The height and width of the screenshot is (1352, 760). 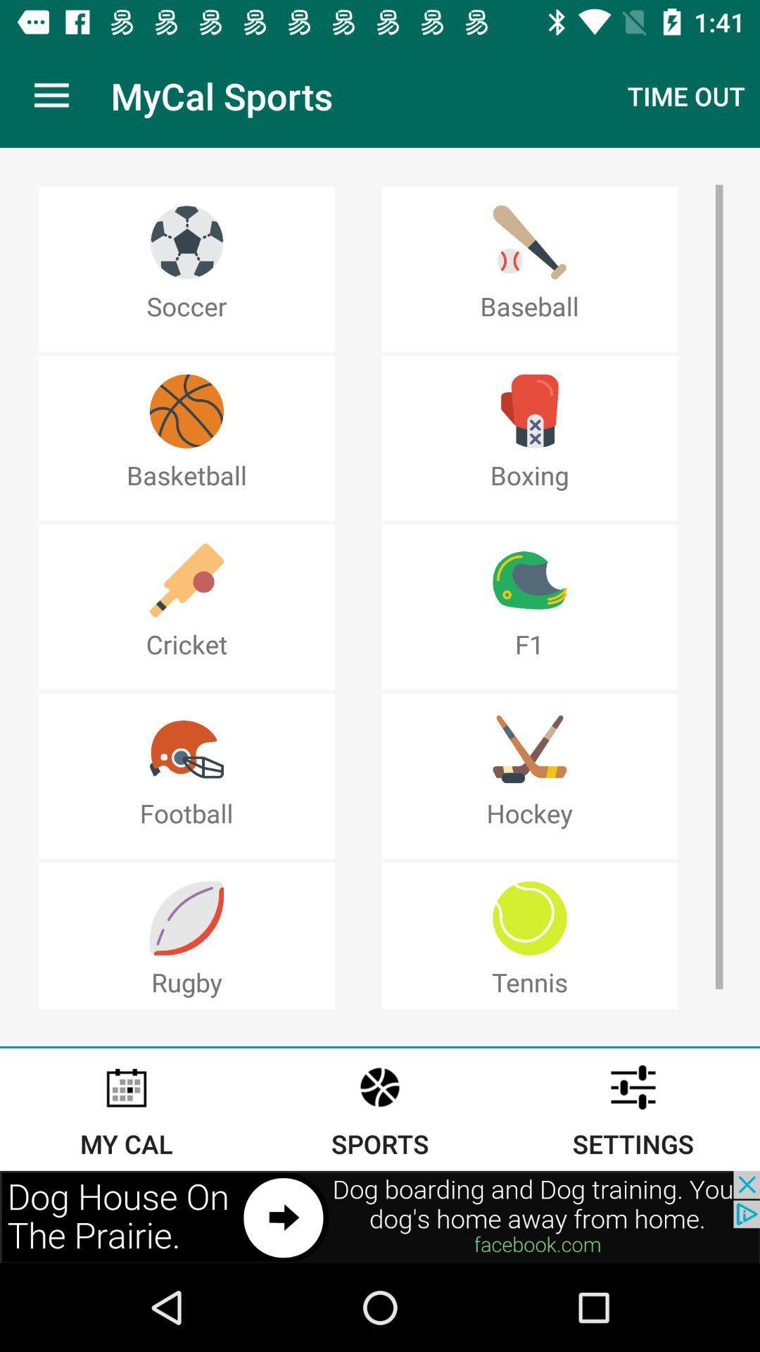 What do you see at coordinates (186, 411) in the screenshot?
I see `basketball image` at bounding box center [186, 411].